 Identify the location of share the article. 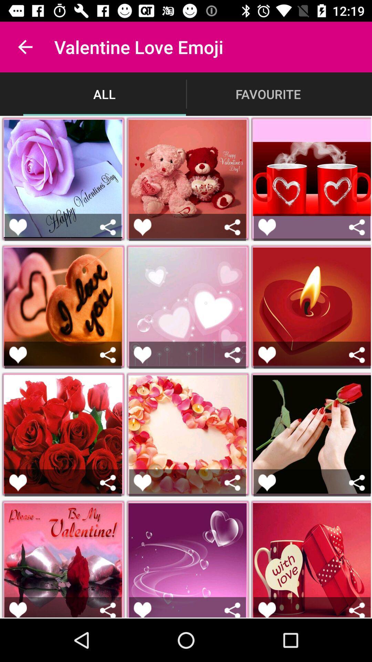
(356, 482).